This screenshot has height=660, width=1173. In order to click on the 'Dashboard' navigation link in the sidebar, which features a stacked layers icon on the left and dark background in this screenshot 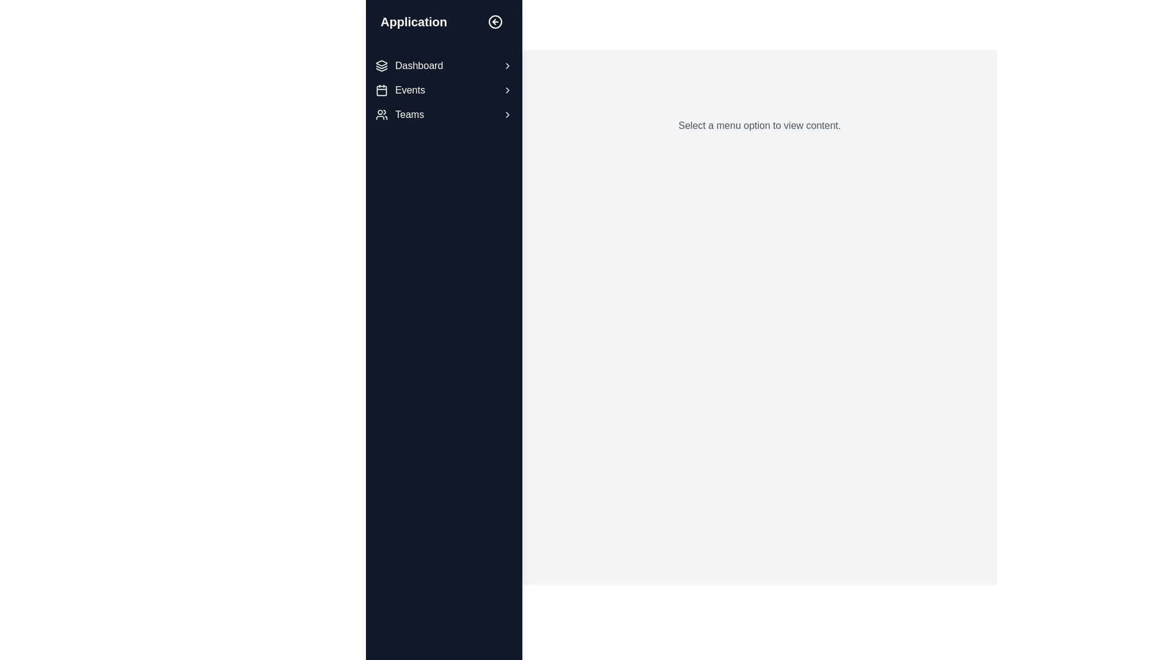, I will do `click(409, 66)`.